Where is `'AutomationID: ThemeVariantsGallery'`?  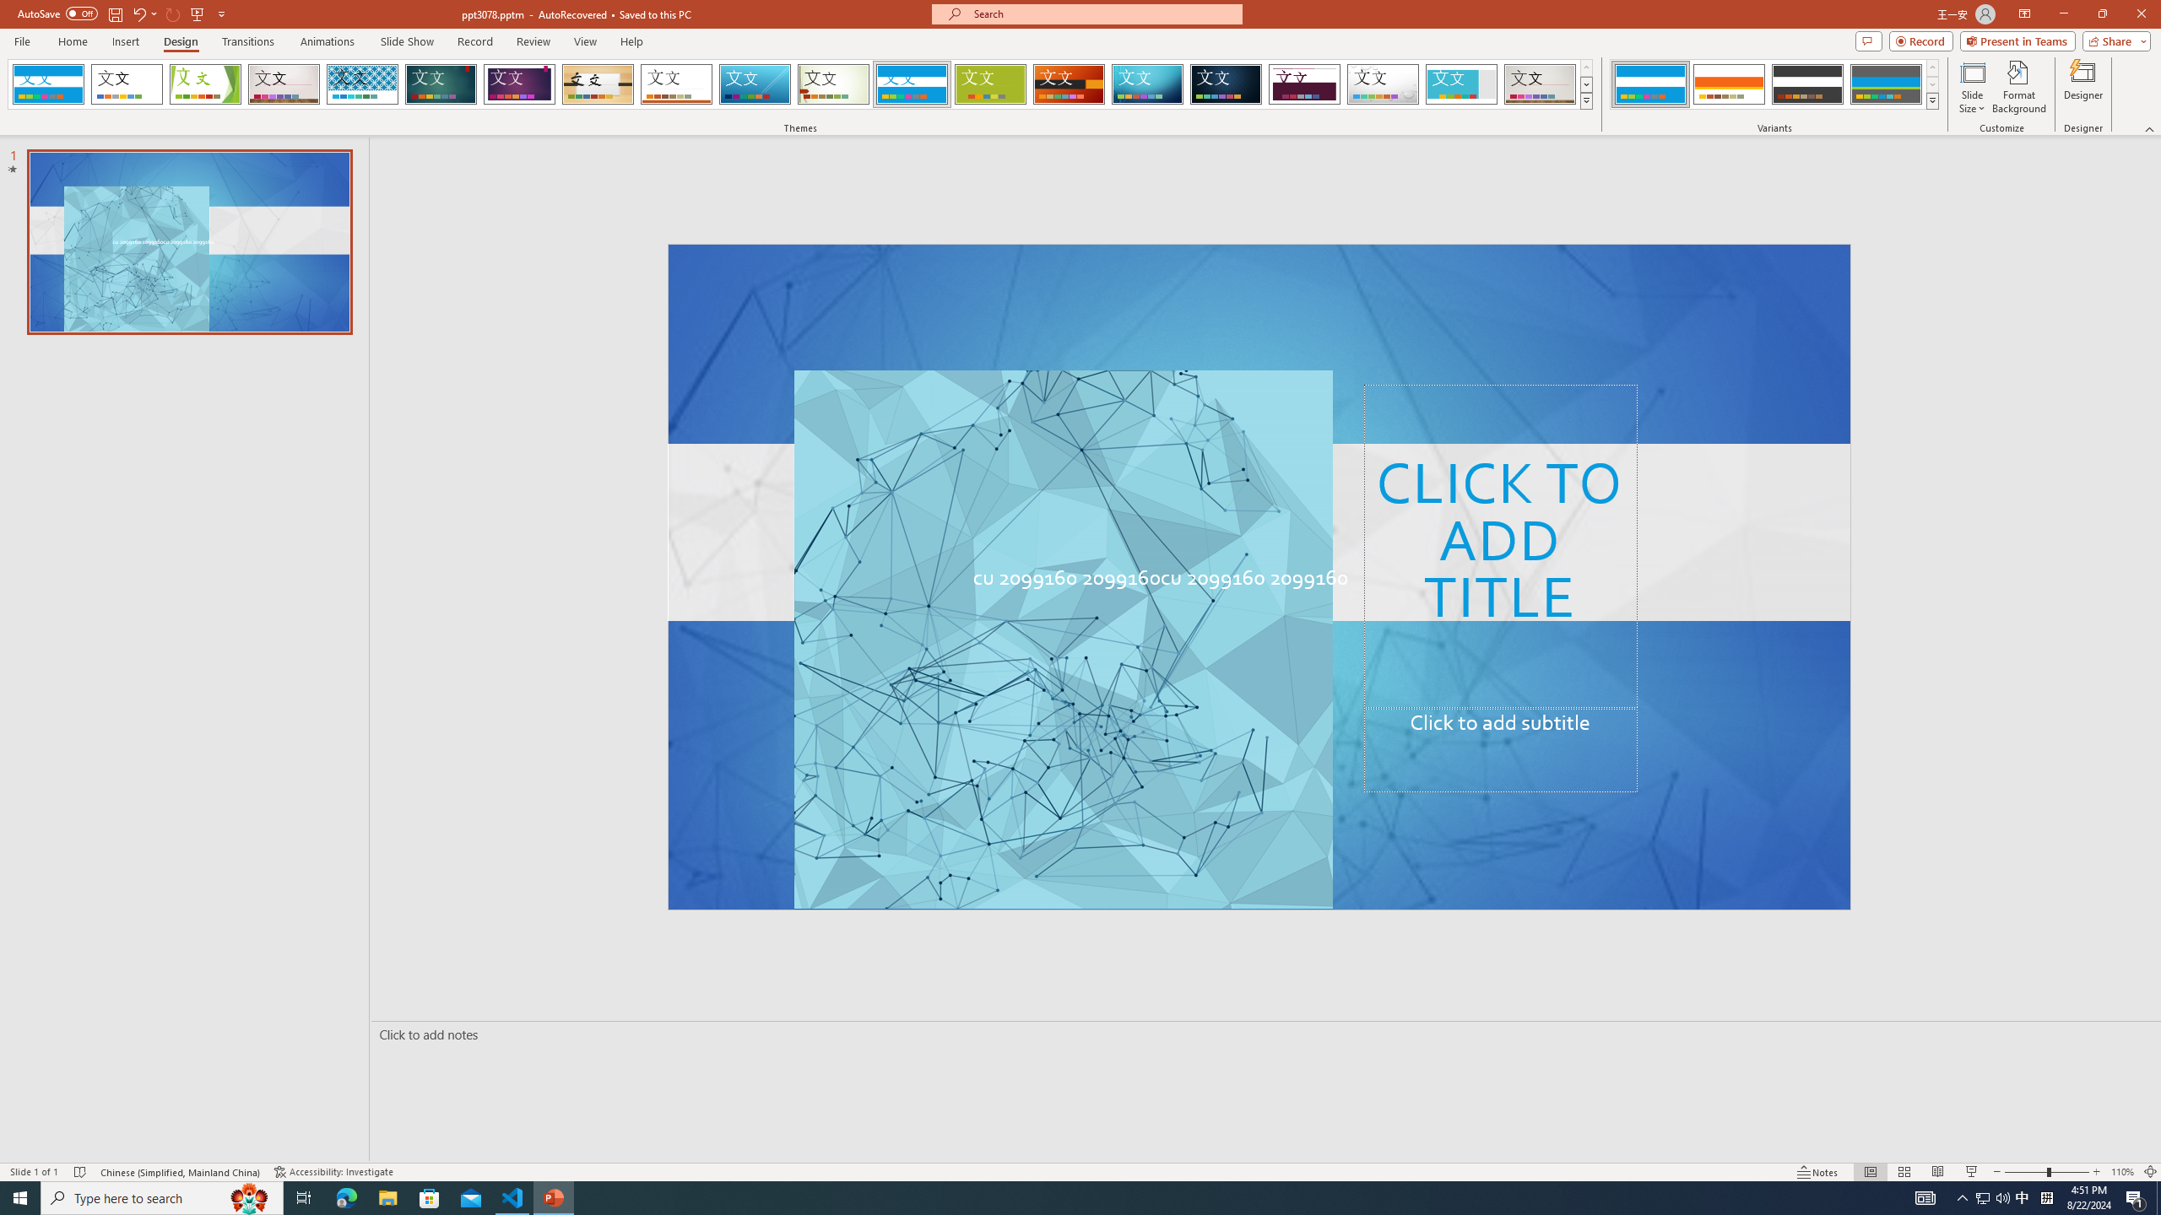 'AutomationID: ThemeVariantsGallery' is located at coordinates (1775, 84).